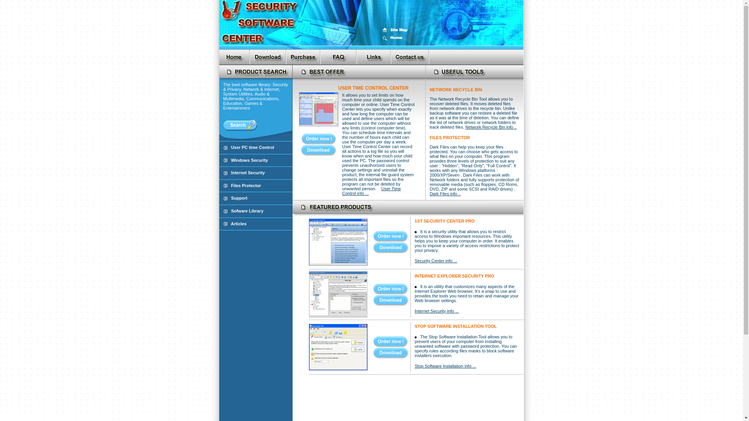 This screenshot has width=749, height=421. What do you see at coordinates (230, 172) in the screenshot?
I see `'Internet Security'` at bounding box center [230, 172].